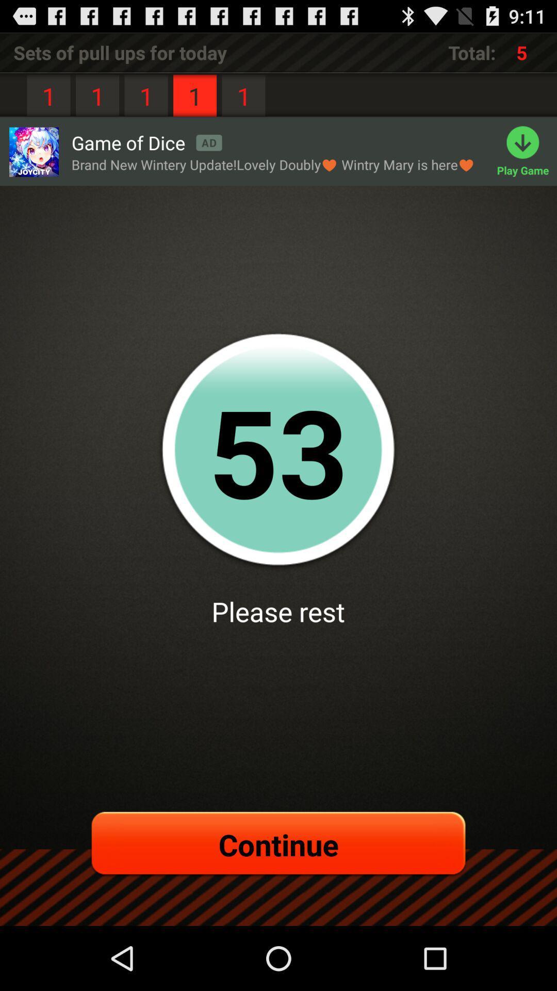  What do you see at coordinates (146, 142) in the screenshot?
I see `game of dice icon` at bounding box center [146, 142].